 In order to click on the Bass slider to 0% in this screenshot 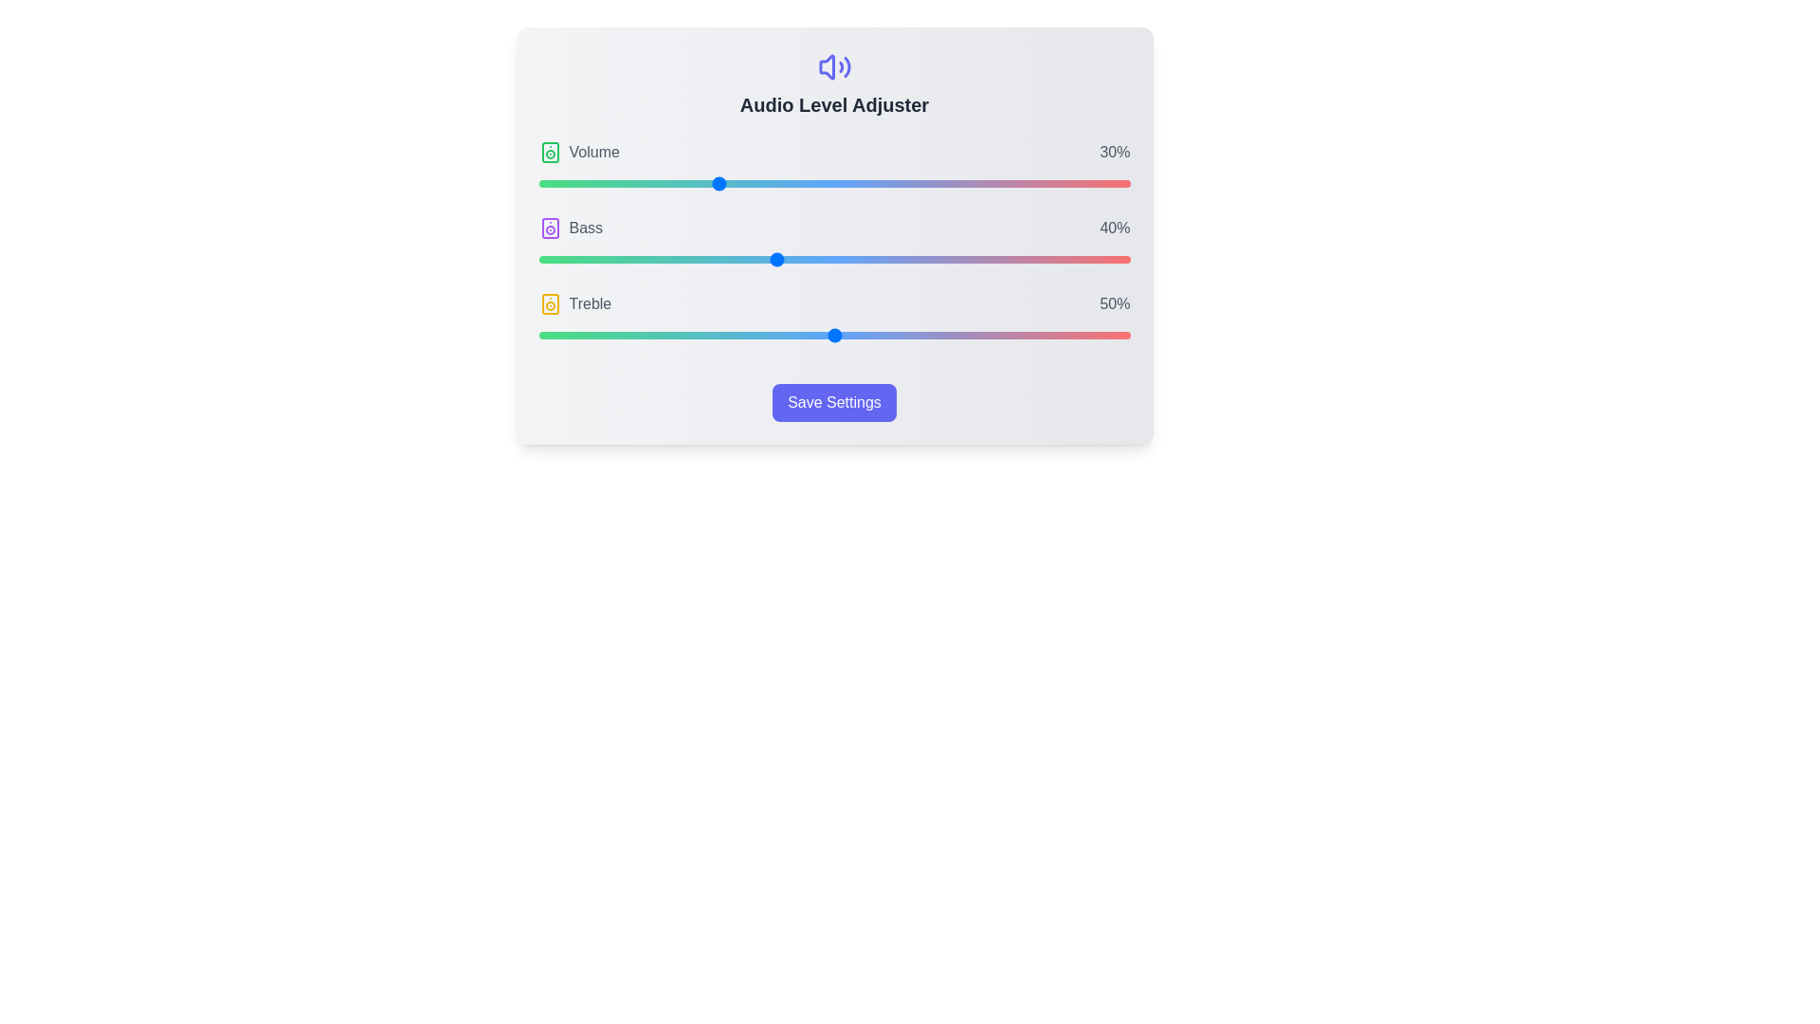, I will do `click(537, 259)`.